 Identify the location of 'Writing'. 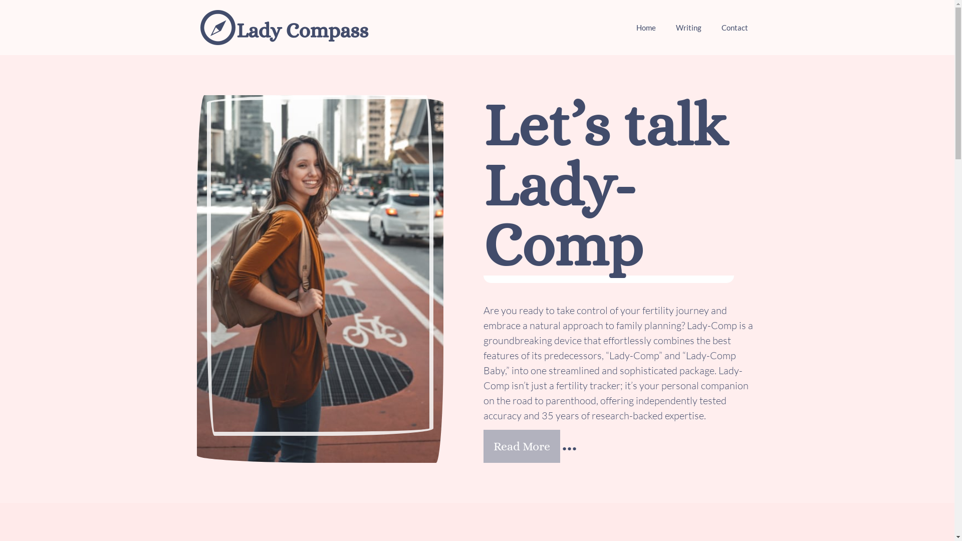
(687, 27).